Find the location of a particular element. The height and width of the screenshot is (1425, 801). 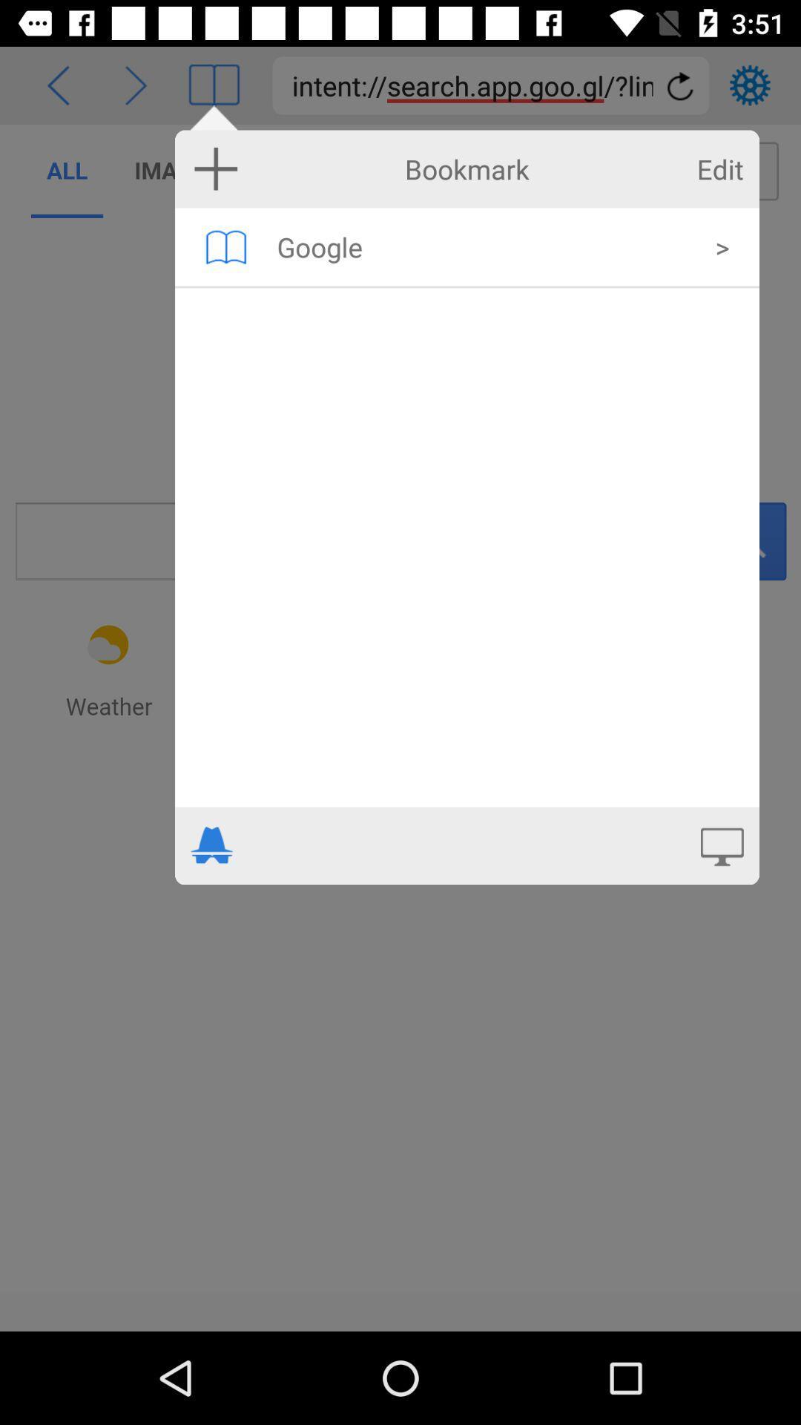

add symbol is located at coordinates (216, 168).